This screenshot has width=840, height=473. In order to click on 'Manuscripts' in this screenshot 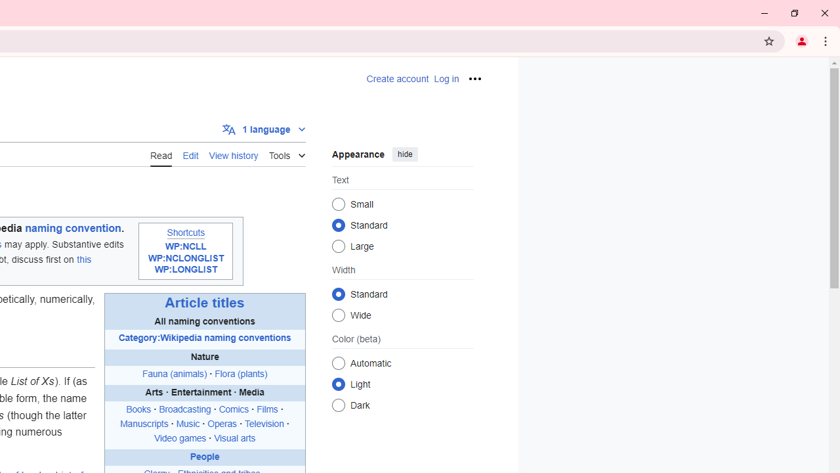, I will do `click(144, 424)`.